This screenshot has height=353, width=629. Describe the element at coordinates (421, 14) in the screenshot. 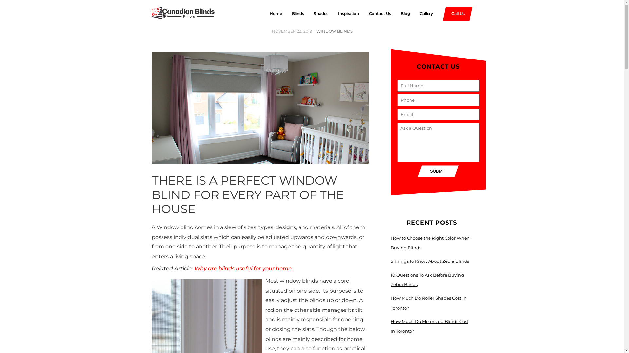

I see `'Gallery'` at that location.